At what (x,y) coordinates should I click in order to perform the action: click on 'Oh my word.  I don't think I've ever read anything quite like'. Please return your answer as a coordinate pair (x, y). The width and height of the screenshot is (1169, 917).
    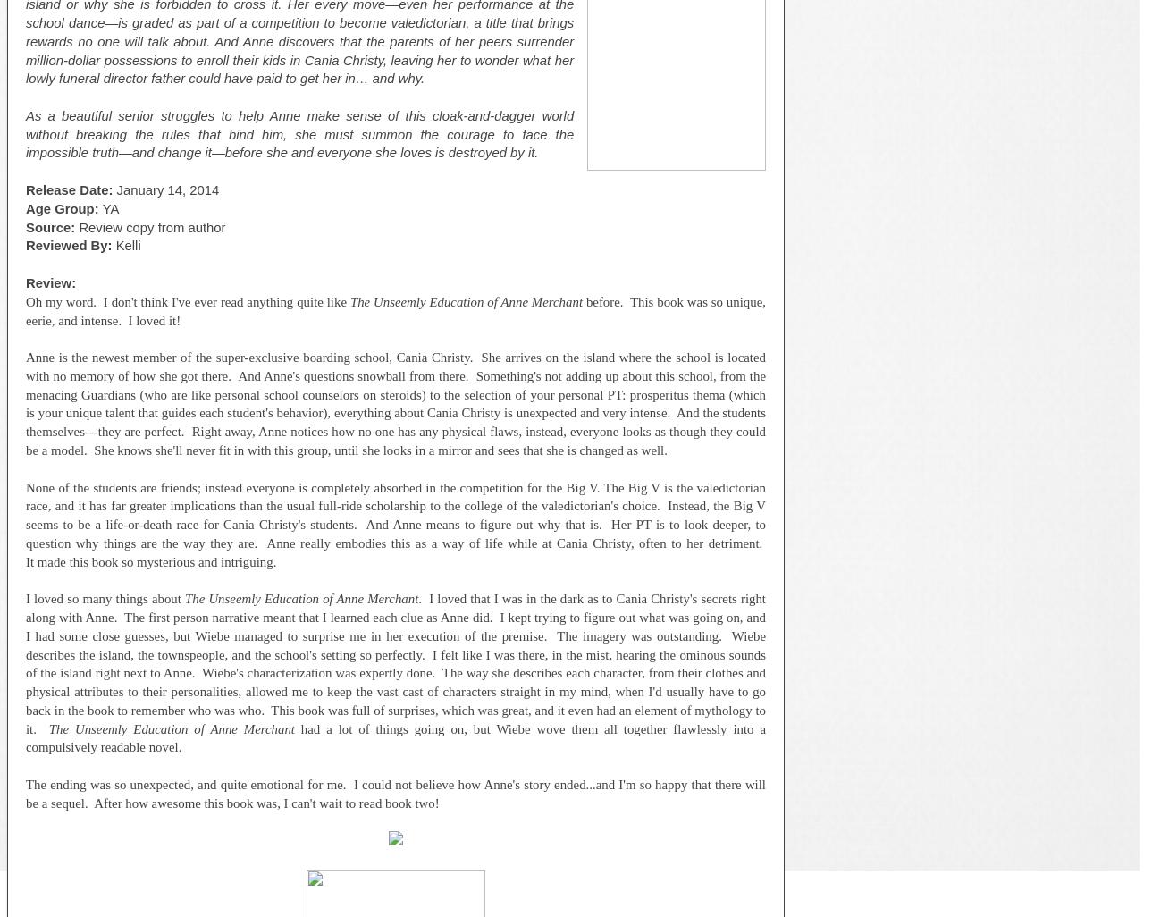
    Looking at the image, I should click on (26, 301).